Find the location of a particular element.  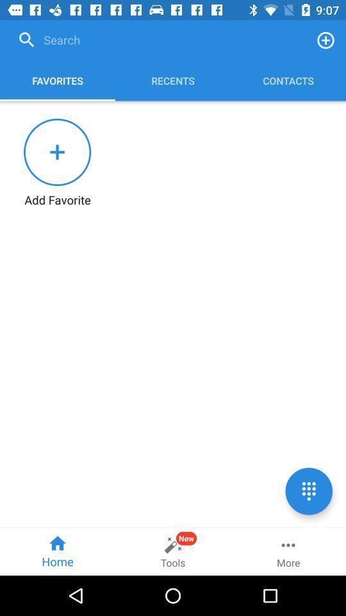

opens up a list of options to choose from is located at coordinates (308, 490).